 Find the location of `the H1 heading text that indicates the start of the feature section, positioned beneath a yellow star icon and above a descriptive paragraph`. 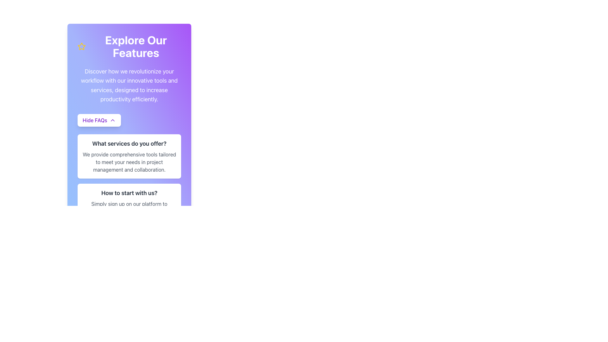

the H1 heading text that indicates the start of the feature section, positioned beneath a yellow star icon and above a descriptive paragraph is located at coordinates (136, 46).